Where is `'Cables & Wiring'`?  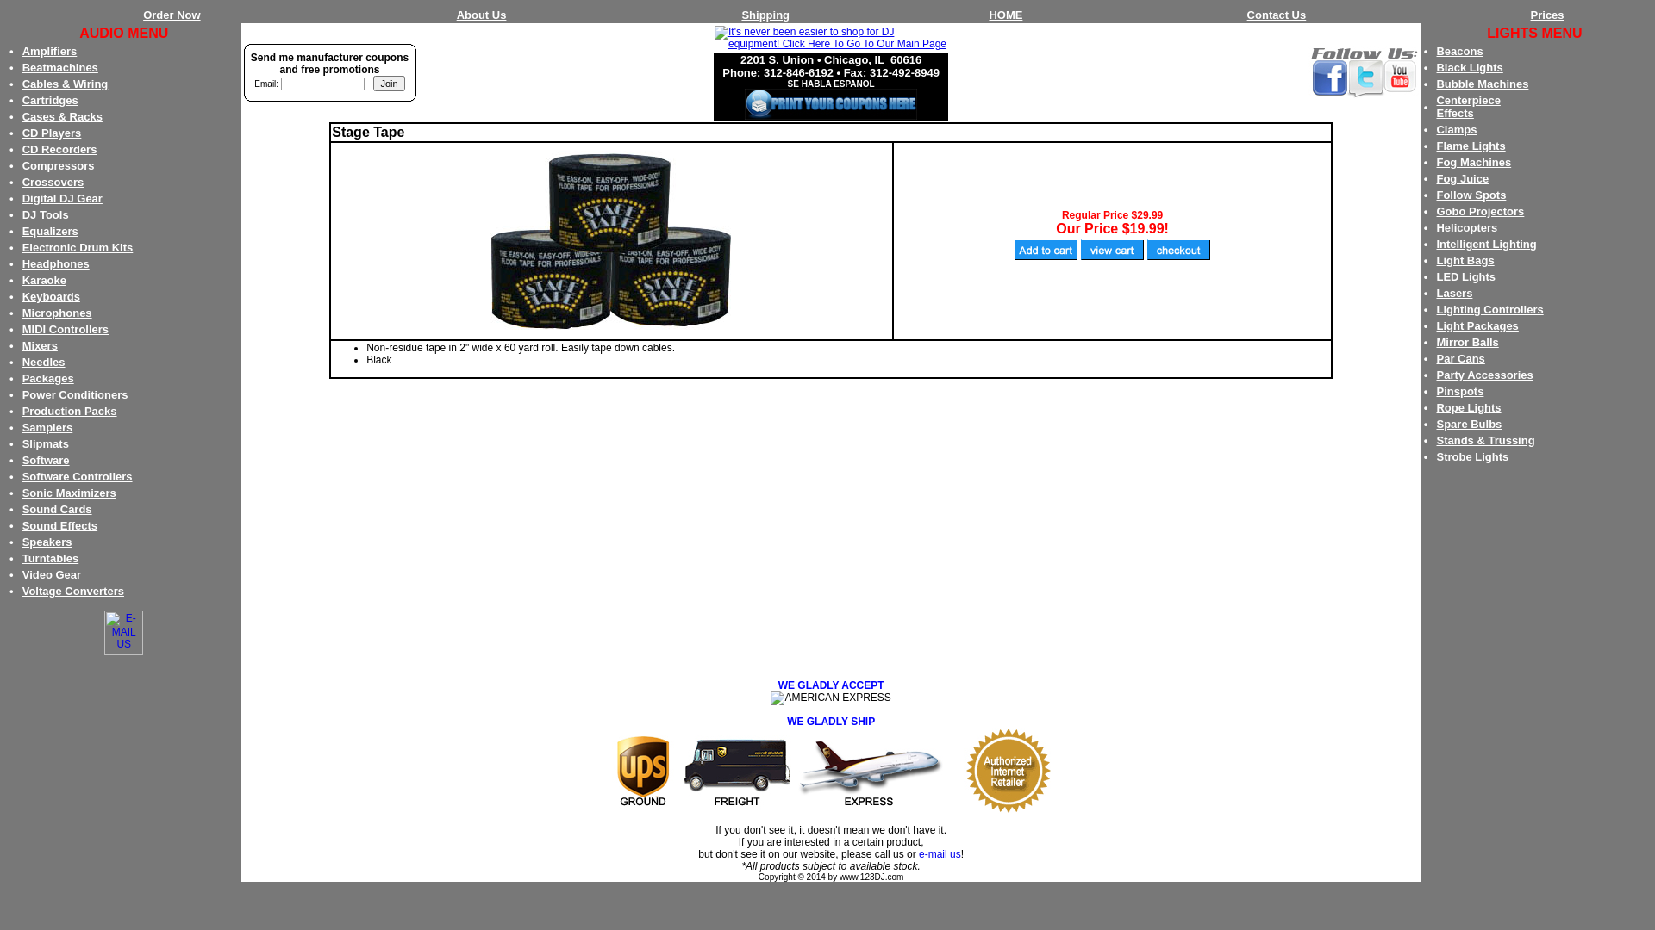 'Cables & Wiring' is located at coordinates (66, 84).